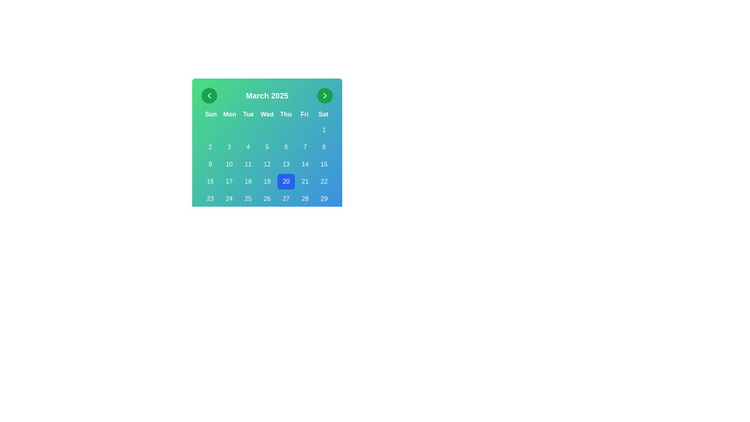 The image size is (750, 422). What do you see at coordinates (324, 147) in the screenshot?
I see `the date button for '8' located in the 7th column and 2nd row under the 'Sat' header in the calendar interface` at bounding box center [324, 147].